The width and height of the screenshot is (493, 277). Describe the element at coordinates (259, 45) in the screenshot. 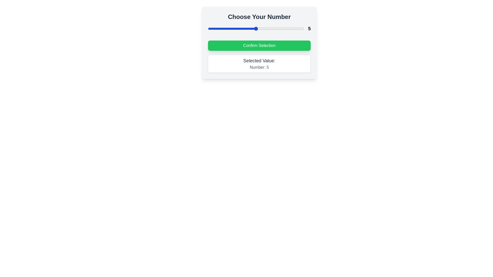

I see `the green 'Confirm Selection' button with rounded corners to trigger the hover effect` at that location.